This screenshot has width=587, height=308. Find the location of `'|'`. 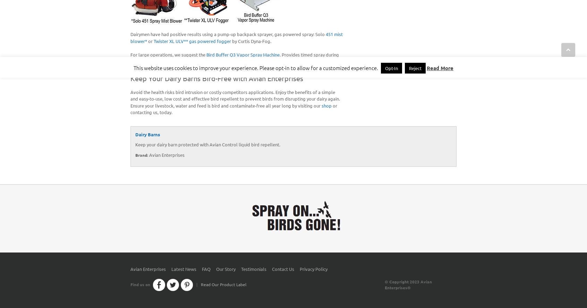

'|' is located at coordinates (196, 284).